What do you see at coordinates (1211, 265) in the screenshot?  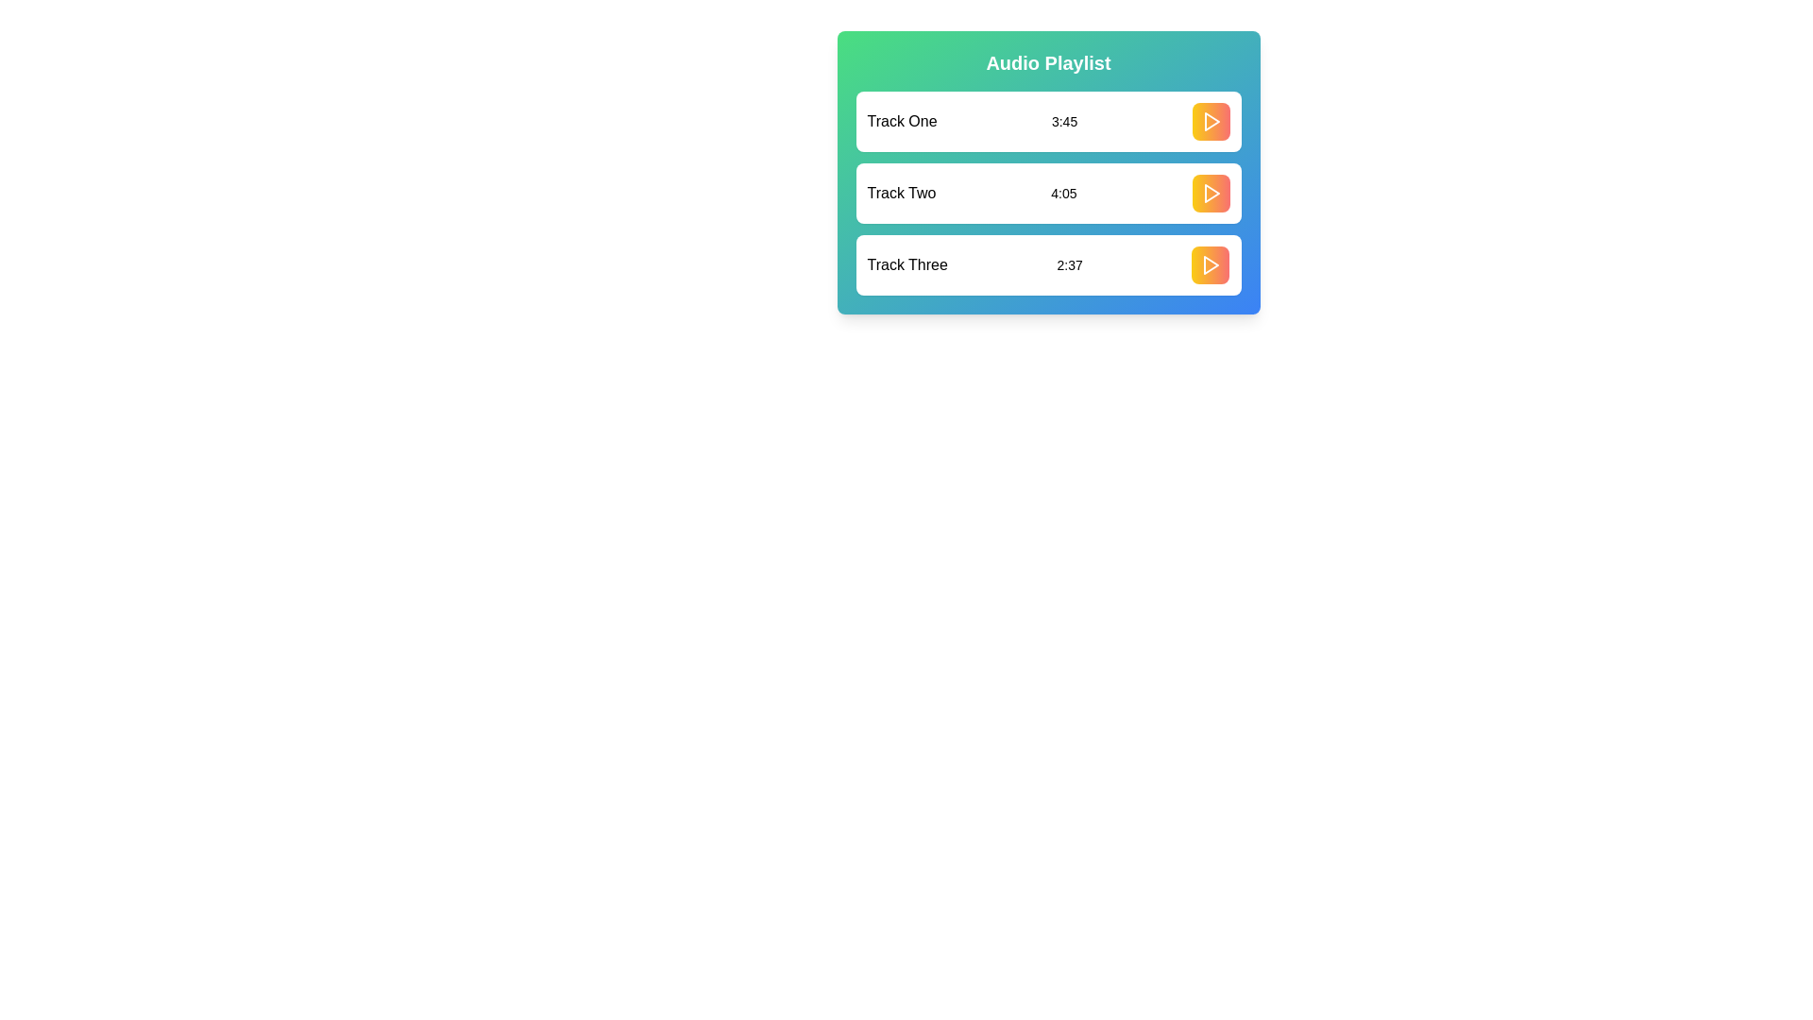 I see `the third play button located` at bounding box center [1211, 265].